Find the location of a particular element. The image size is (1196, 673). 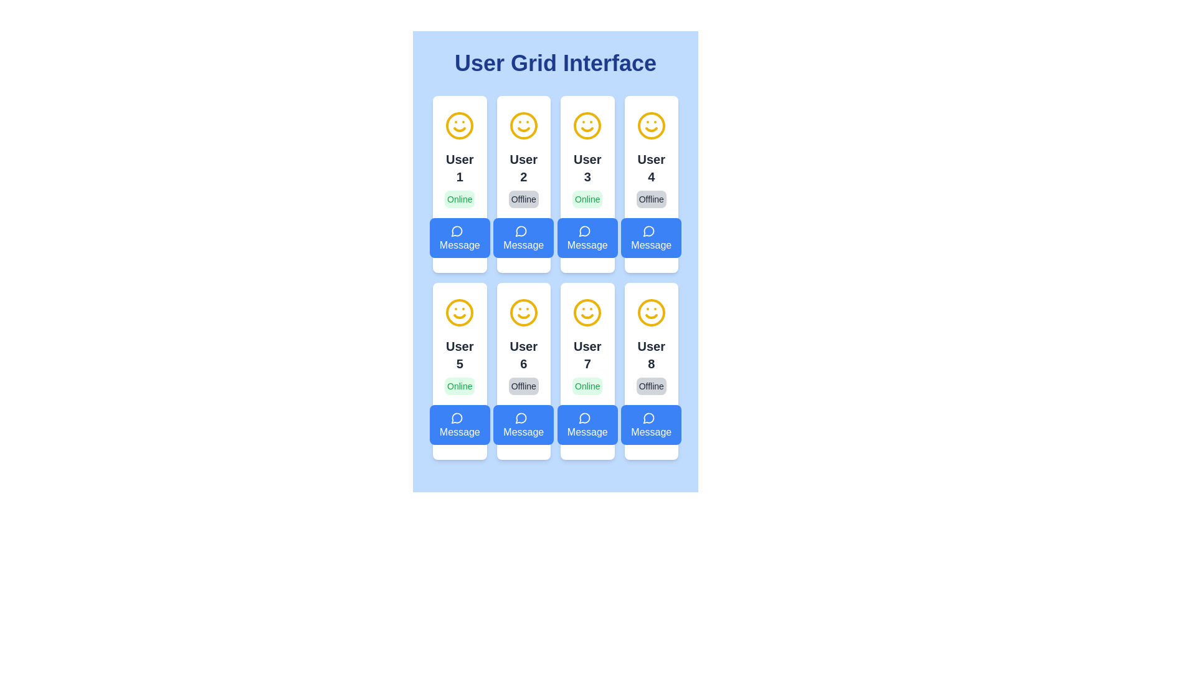

the Decorative icon representing a happy status for 'User 6', located at the top-center of the card labeled 'User 6' is located at coordinates (523, 312).